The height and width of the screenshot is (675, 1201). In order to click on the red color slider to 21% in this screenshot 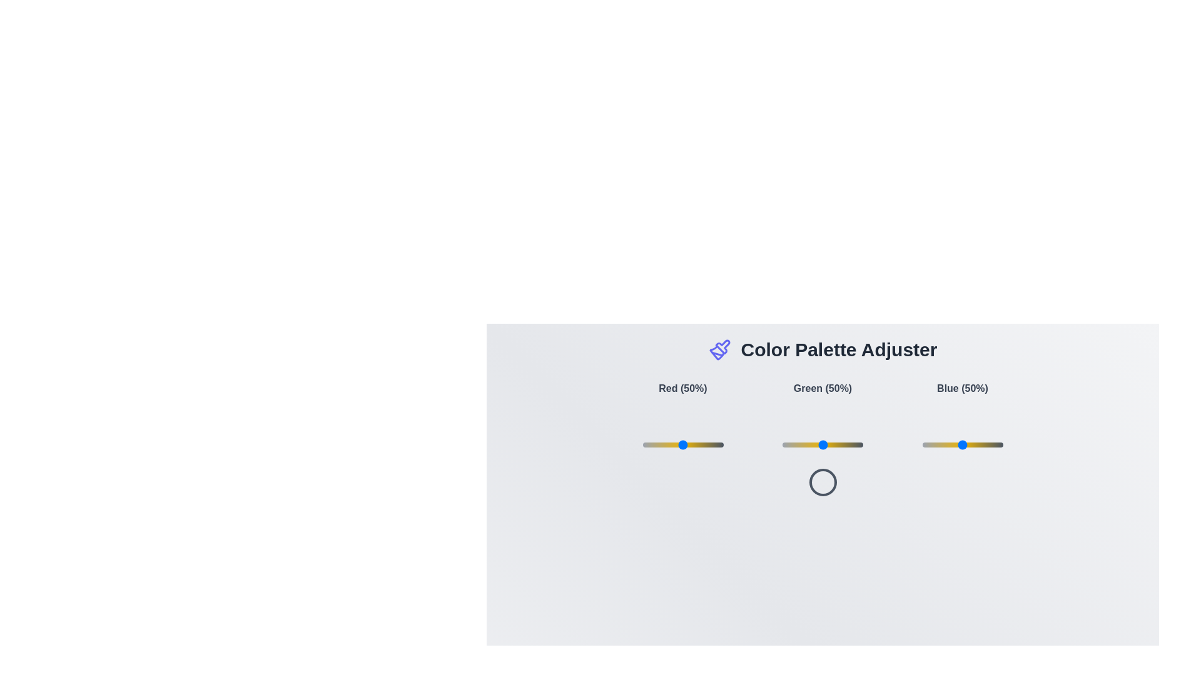, I will do `click(659, 444)`.